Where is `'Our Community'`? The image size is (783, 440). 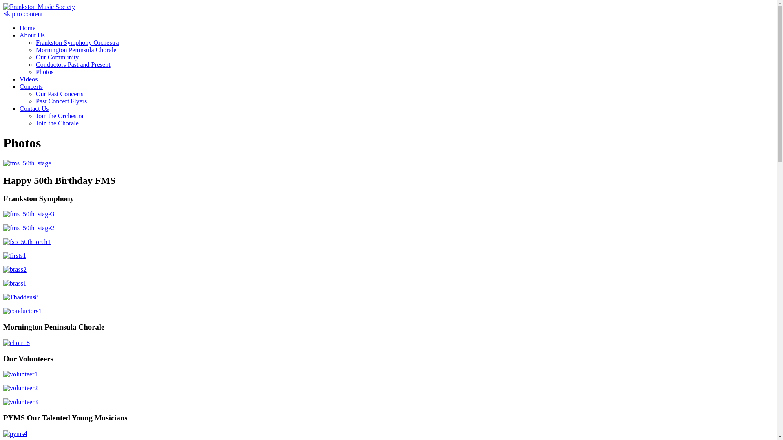
'Our Community' is located at coordinates (57, 57).